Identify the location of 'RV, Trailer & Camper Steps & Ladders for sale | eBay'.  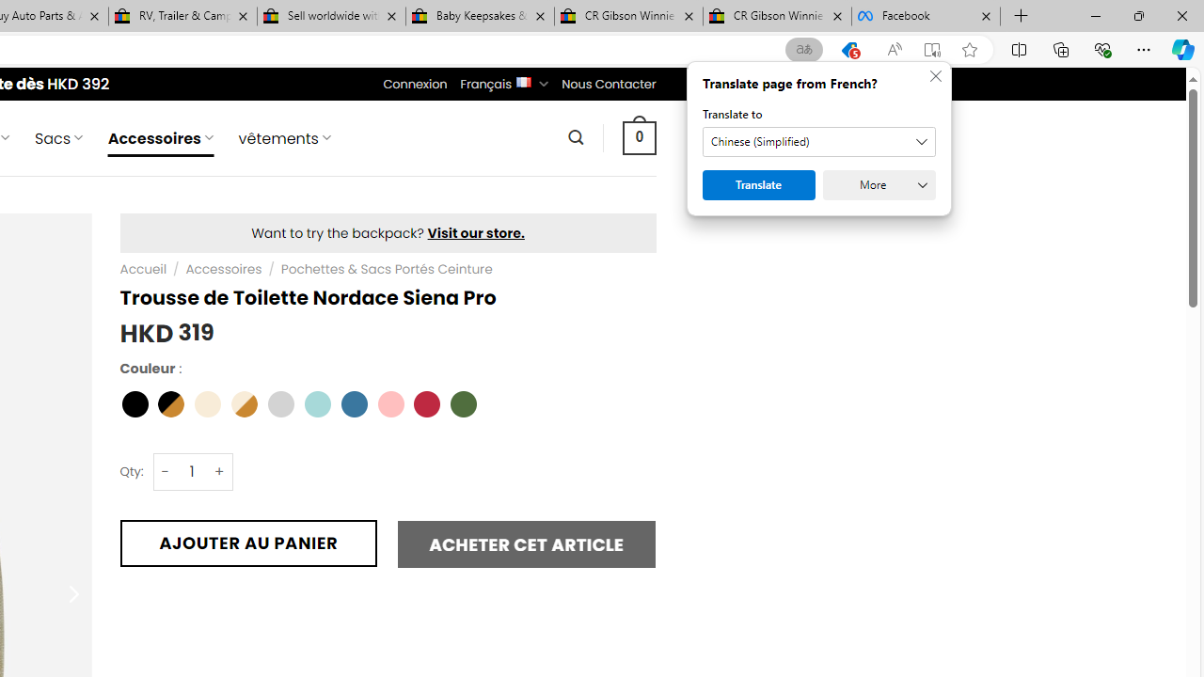
(182, 16).